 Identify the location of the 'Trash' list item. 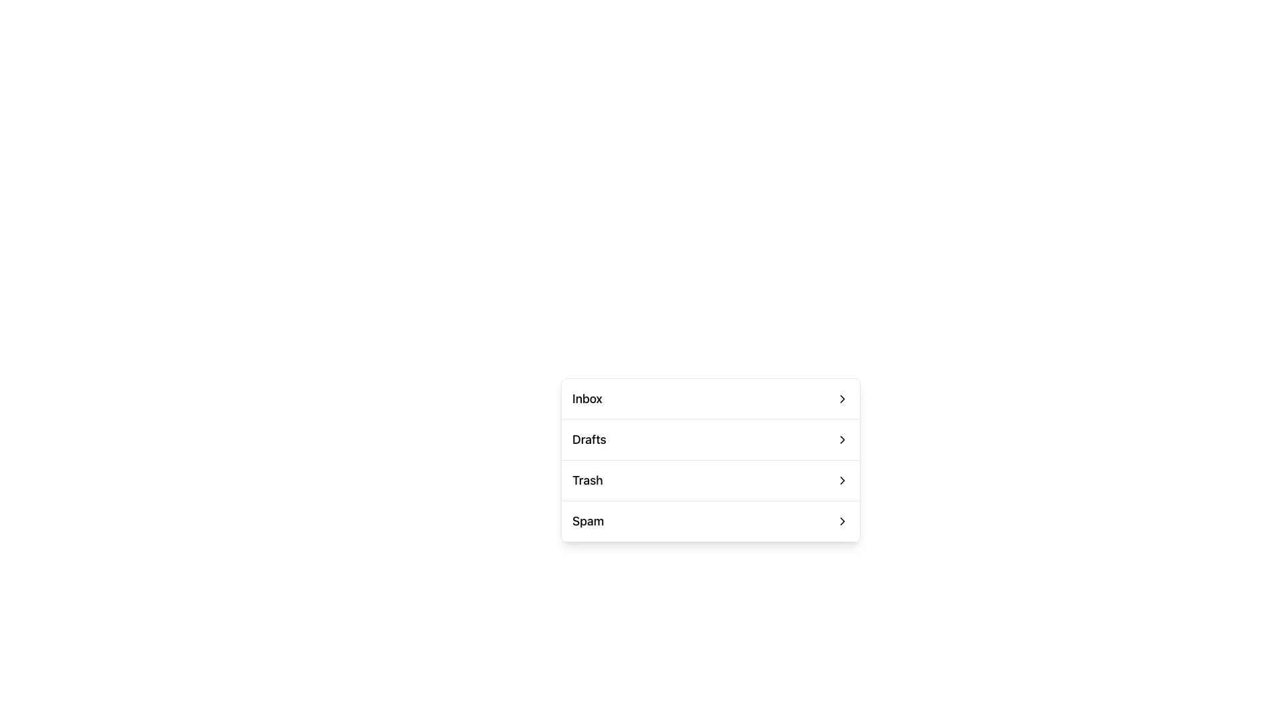
(710, 459).